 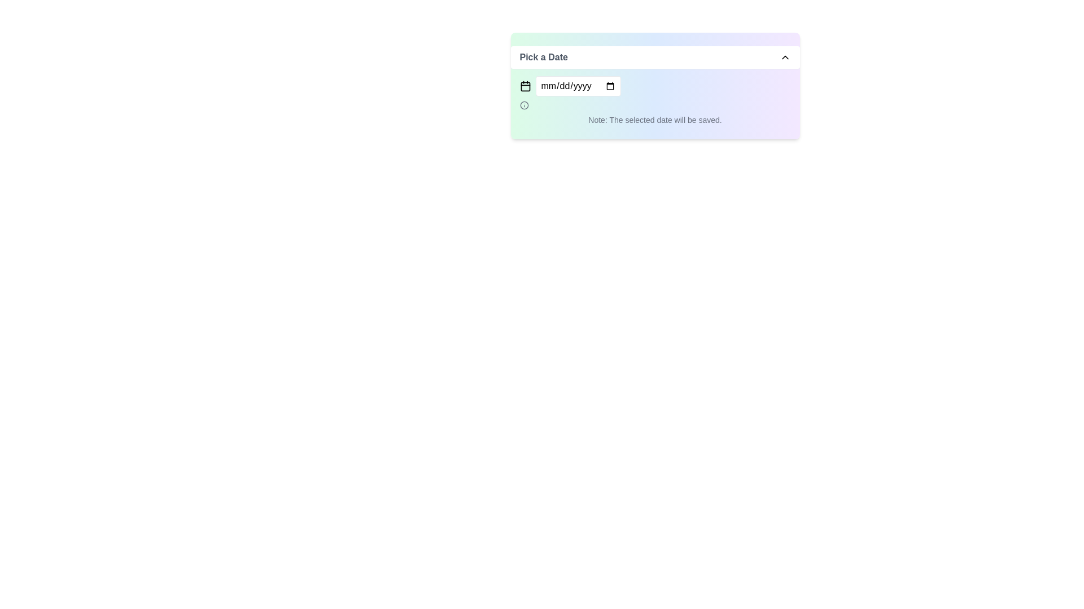 What do you see at coordinates (523, 105) in the screenshot?
I see `the first graphical element in the SVG icon, which serves as a decorative indicator located to the left of the date-picker input field` at bounding box center [523, 105].